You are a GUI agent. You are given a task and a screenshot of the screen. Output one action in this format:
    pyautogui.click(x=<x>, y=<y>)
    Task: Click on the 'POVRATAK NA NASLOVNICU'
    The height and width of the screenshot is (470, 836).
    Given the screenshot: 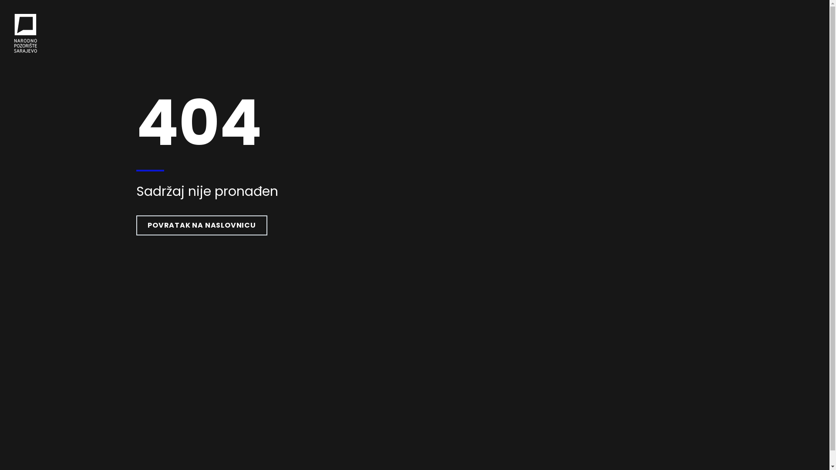 What is the action you would take?
    pyautogui.click(x=201, y=225)
    